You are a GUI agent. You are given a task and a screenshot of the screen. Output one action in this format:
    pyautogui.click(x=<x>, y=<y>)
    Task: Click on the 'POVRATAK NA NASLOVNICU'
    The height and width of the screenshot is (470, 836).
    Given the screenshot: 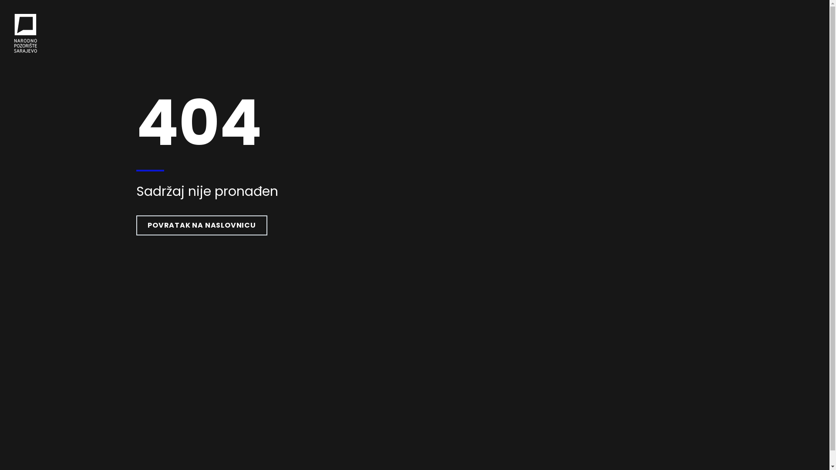 What is the action you would take?
    pyautogui.click(x=201, y=225)
    